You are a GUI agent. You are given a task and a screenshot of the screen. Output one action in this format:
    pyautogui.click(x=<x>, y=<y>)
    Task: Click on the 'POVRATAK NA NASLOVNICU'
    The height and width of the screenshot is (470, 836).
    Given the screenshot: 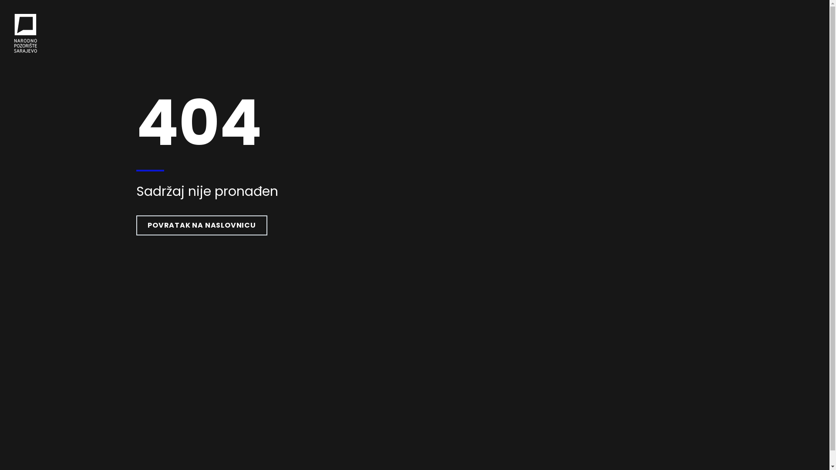 What is the action you would take?
    pyautogui.click(x=201, y=225)
    